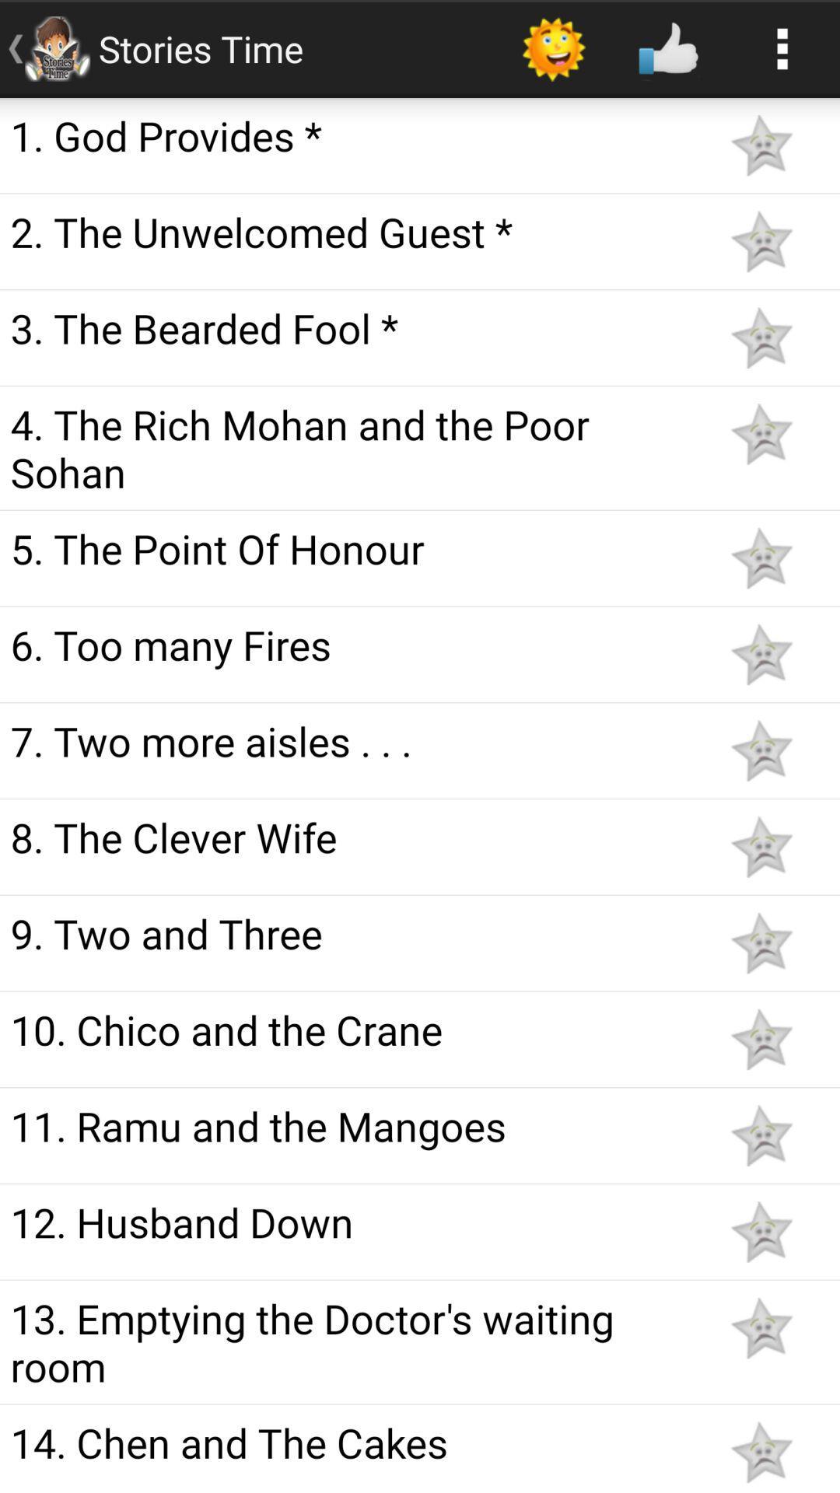 Image resolution: width=840 pixels, height=1493 pixels. Describe the element at coordinates (352, 1125) in the screenshot. I see `item above 12. husband down icon` at that location.